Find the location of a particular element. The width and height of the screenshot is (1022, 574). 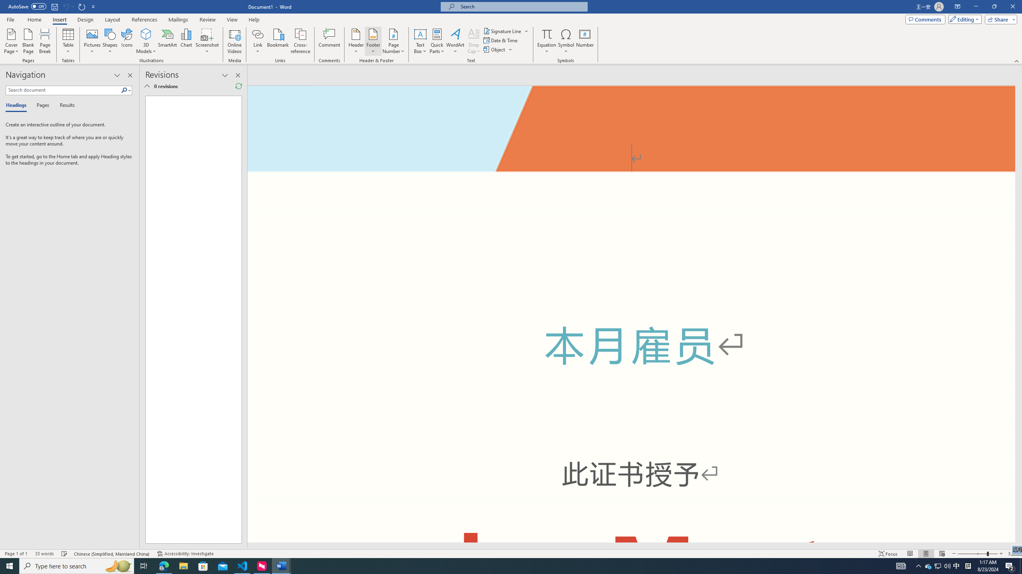

'Screenshot' is located at coordinates (207, 41).